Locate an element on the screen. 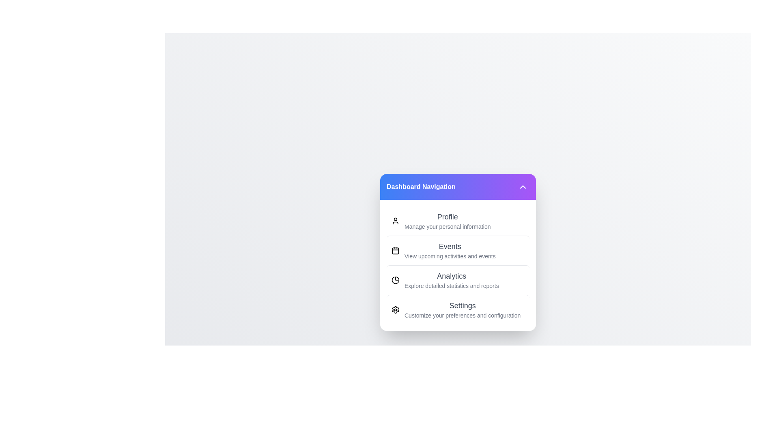  the menu option Profile is located at coordinates (458, 221).